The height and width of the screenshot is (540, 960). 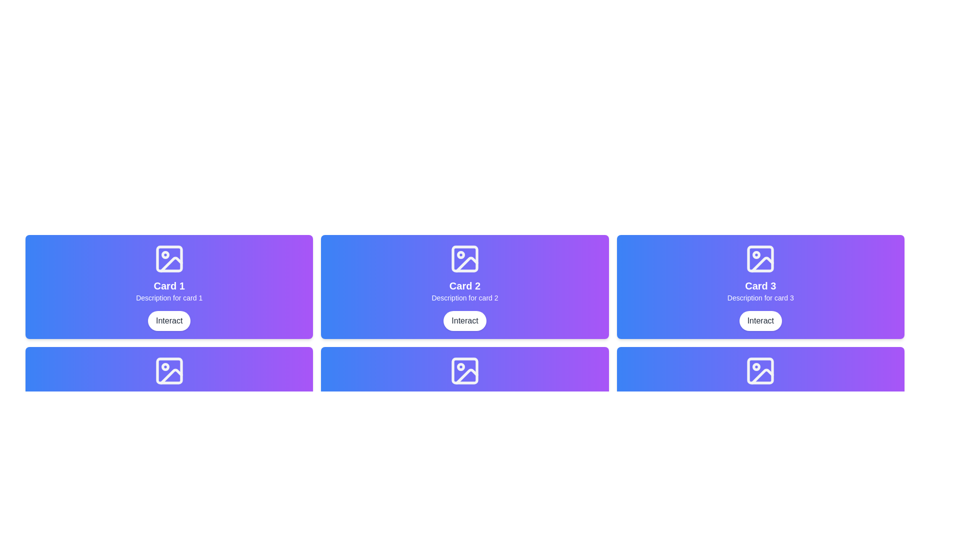 What do you see at coordinates (464, 258) in the screenshot?
I see `the decorative icon located in 'Card 2', which is centrally positioned above the text 'Card 2' and 'Description for card 2'` at bounding box center [464, 258].